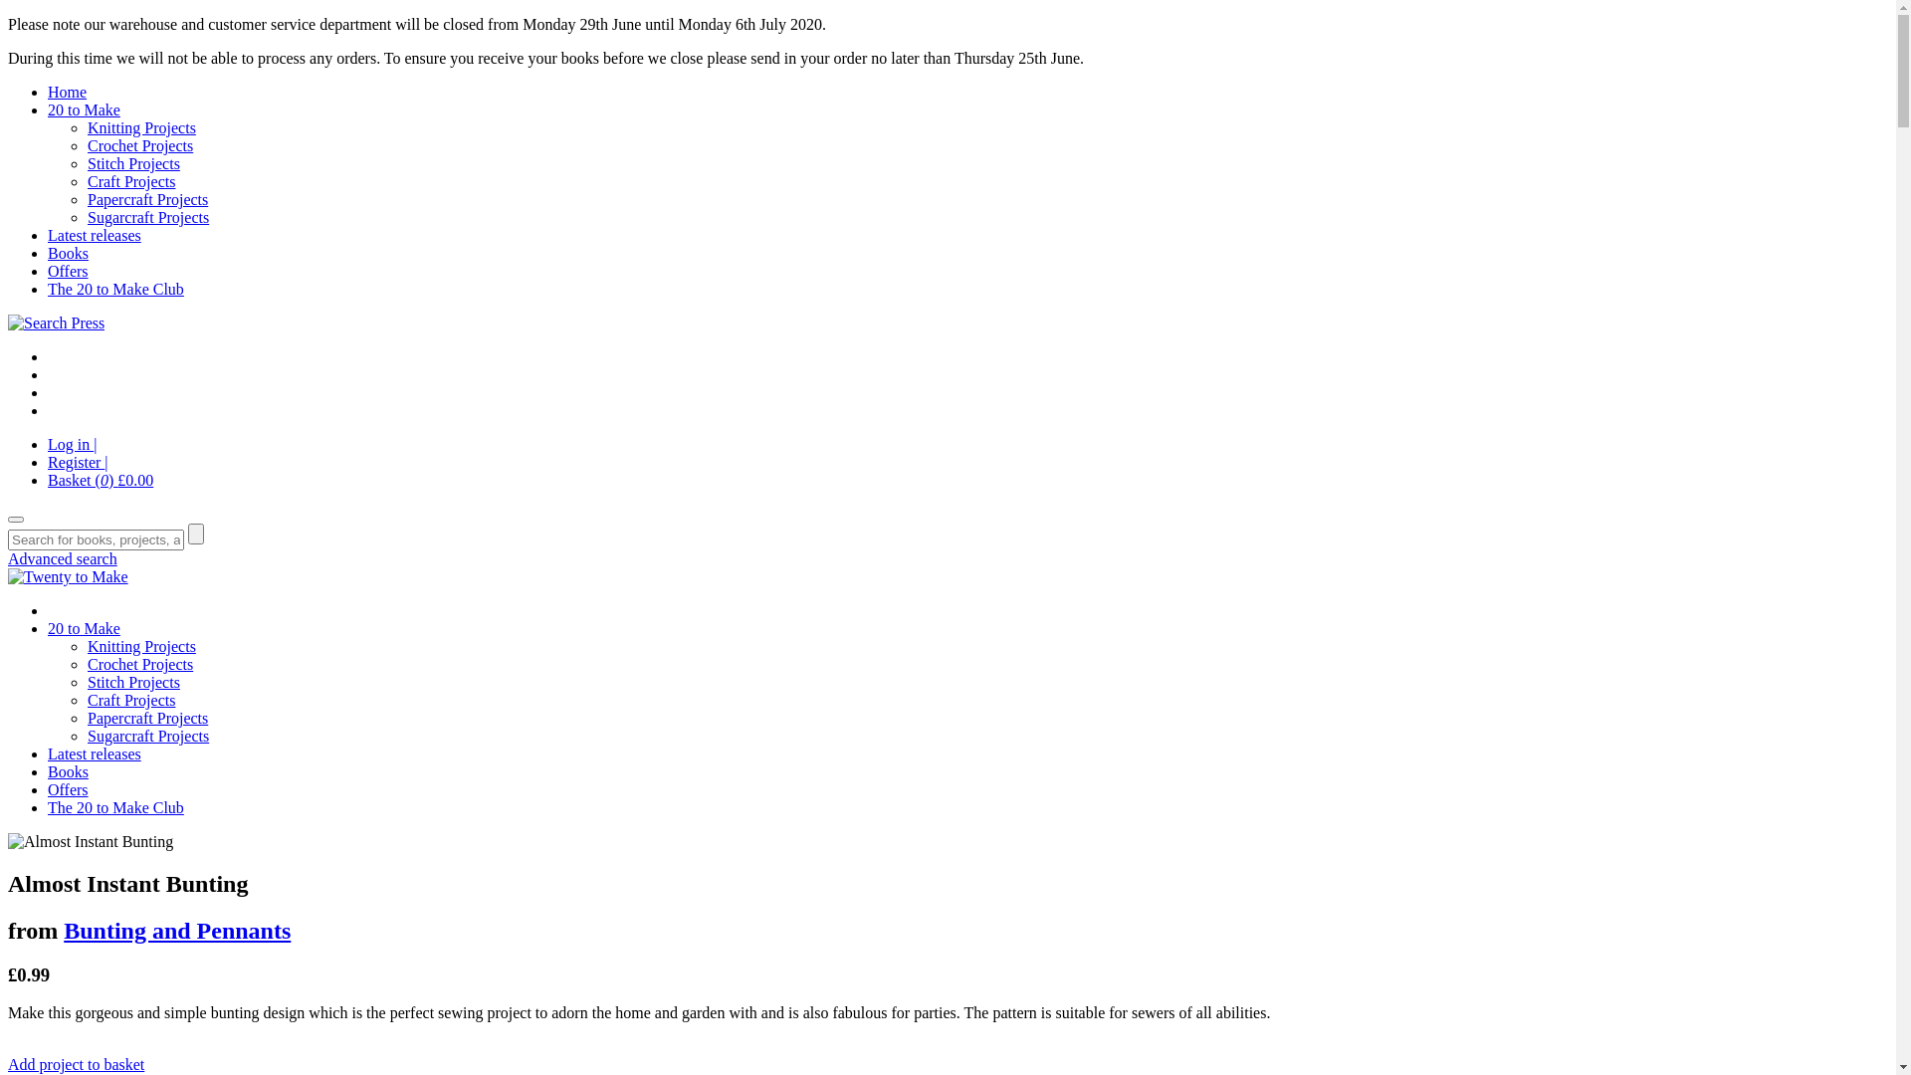  What do you see at coordinates (48, 92) in the screenshot?
I see `'Home'` at bounding box center [48, 92].